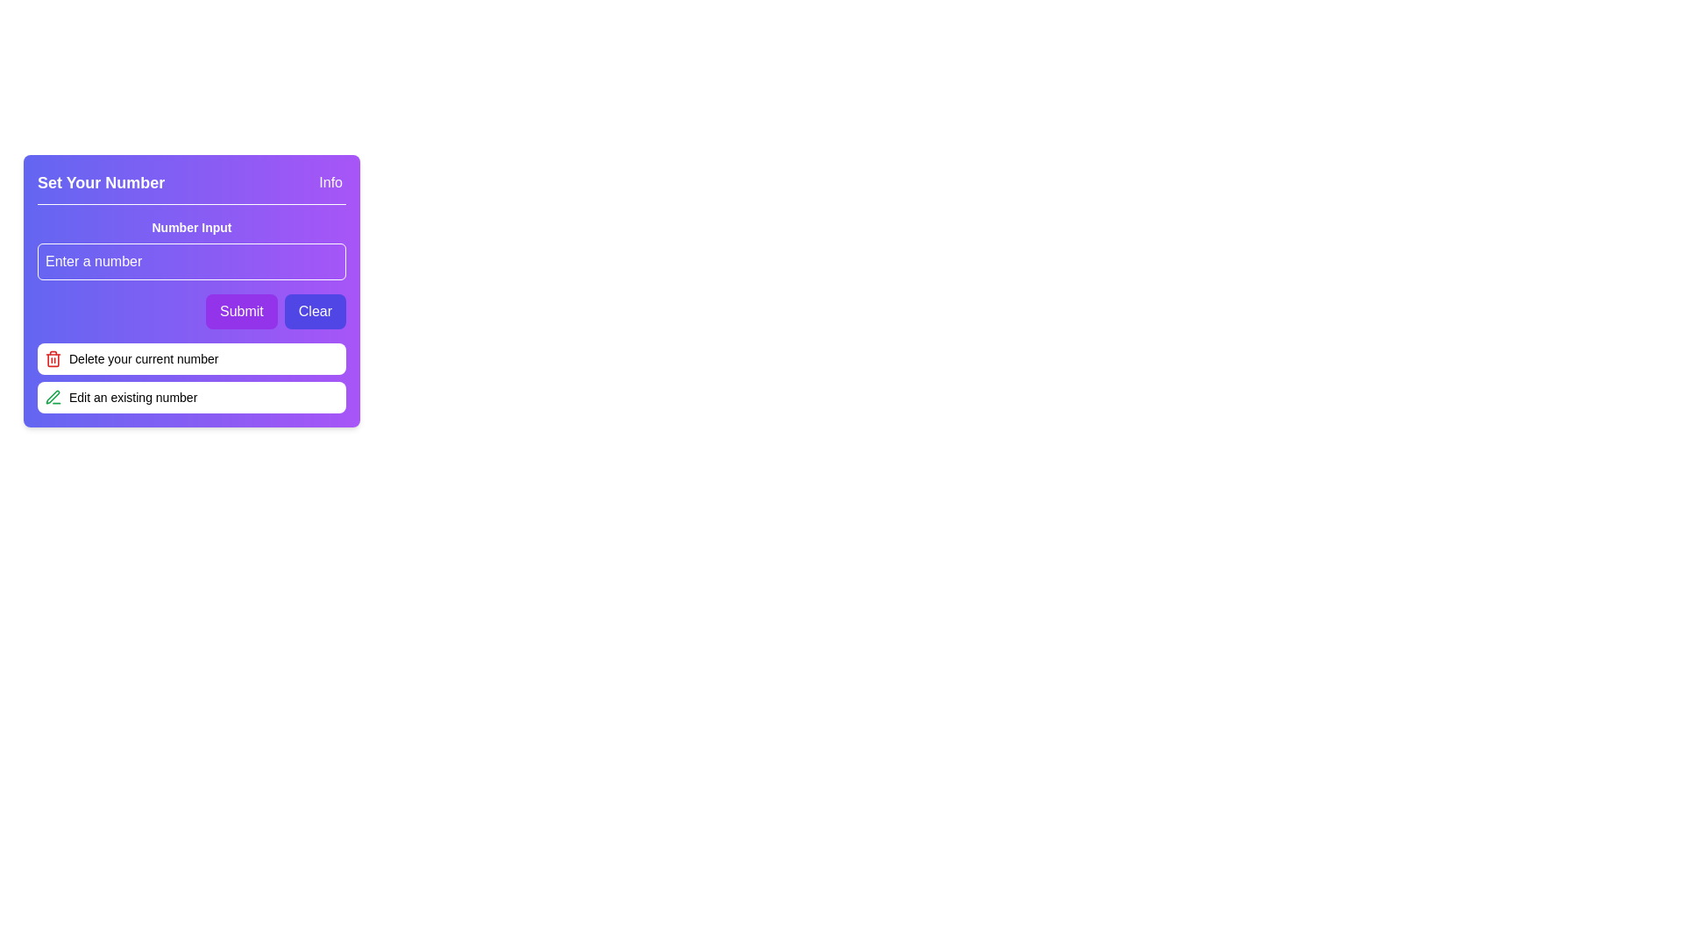 The height and width of the screenshot is (946, 1683). I want to click on the text label that reads 'Edit an existing number', which is styled with a small font size and positioned at the bottom-right corner of the application, next to a green pen icon, so click(132, 398).